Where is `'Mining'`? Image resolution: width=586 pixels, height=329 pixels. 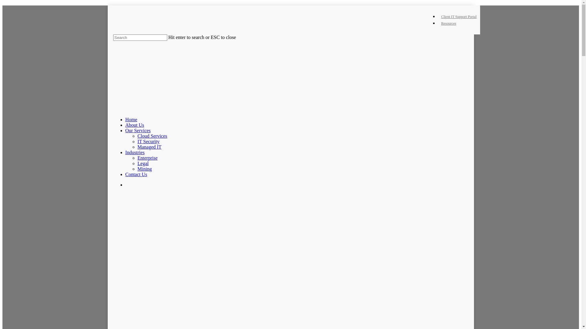
'Mining' is located at coordinates (144, 169).